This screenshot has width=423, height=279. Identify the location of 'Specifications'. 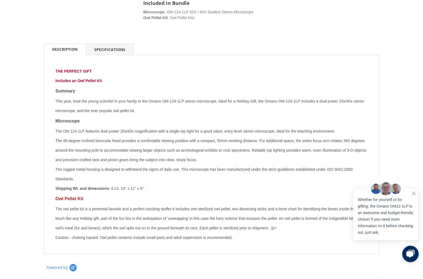
(110, 49).